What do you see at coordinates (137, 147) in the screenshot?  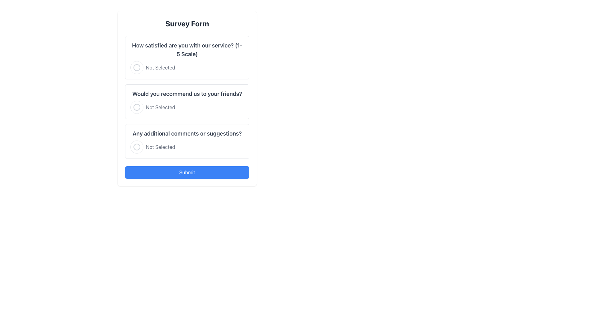 I see `the SVG Circle Element positioned to the left of the answer 'Not Selected' for the question 'Any additional comments or suggestions?'. This element serves as a visual input or selection indicator but is not interactive` at bounding box center [137, 147].